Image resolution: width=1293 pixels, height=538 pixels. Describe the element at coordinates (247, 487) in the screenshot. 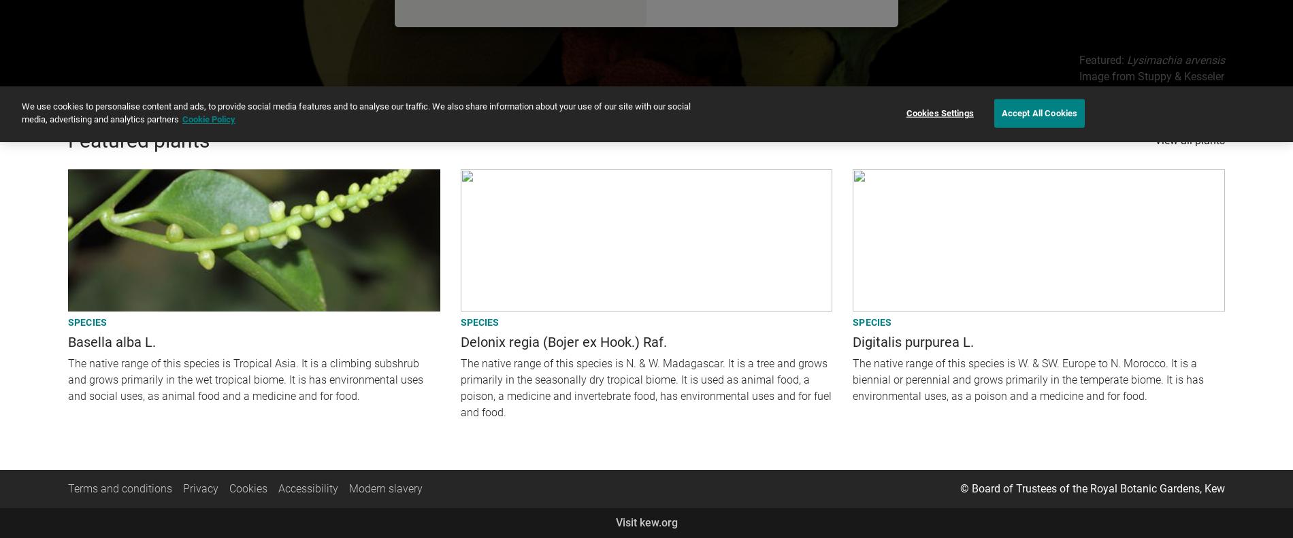

I see `'Cookies'` at that location.